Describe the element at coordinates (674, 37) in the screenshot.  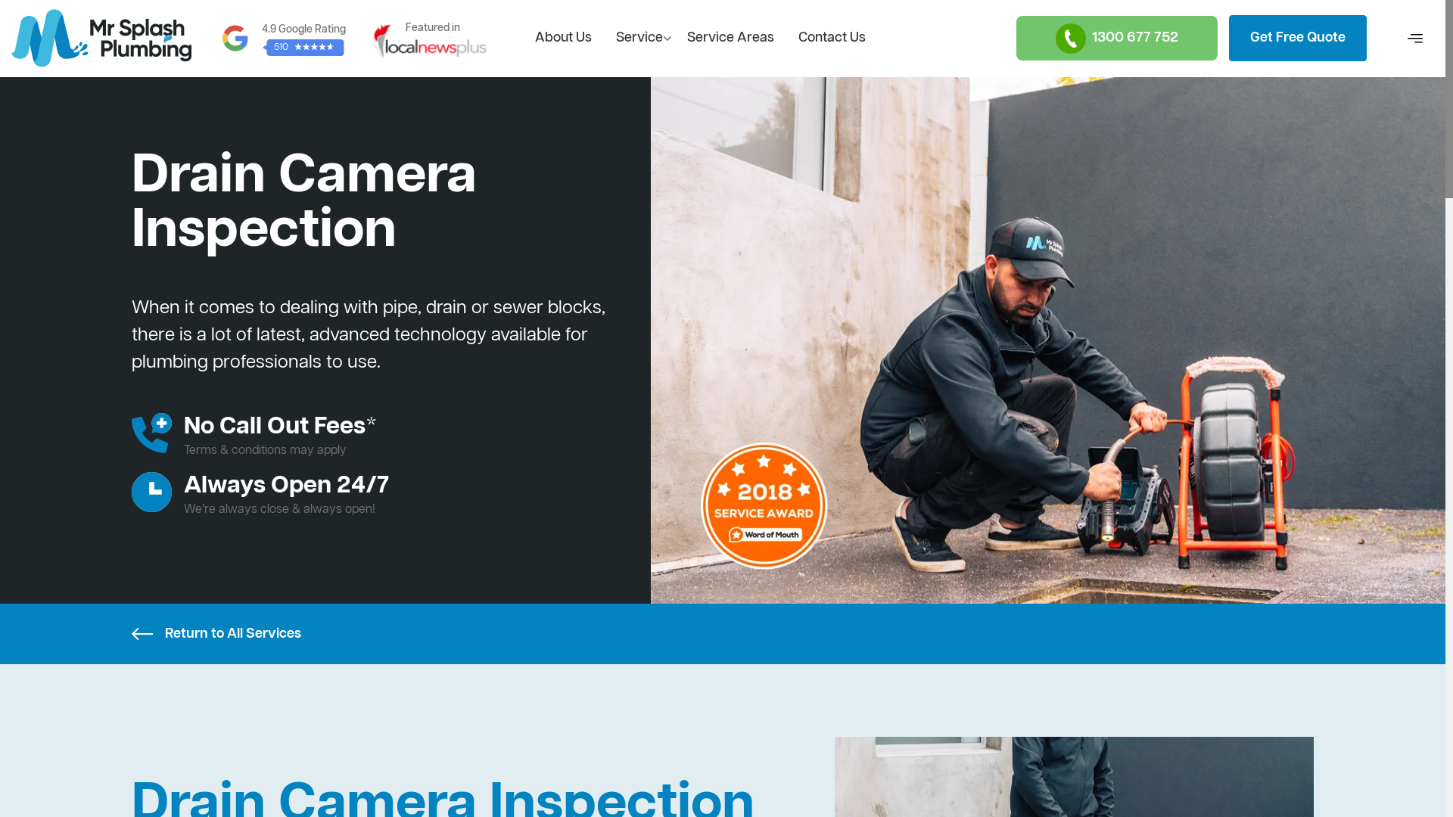
I see `'Service Areas'` at that location.